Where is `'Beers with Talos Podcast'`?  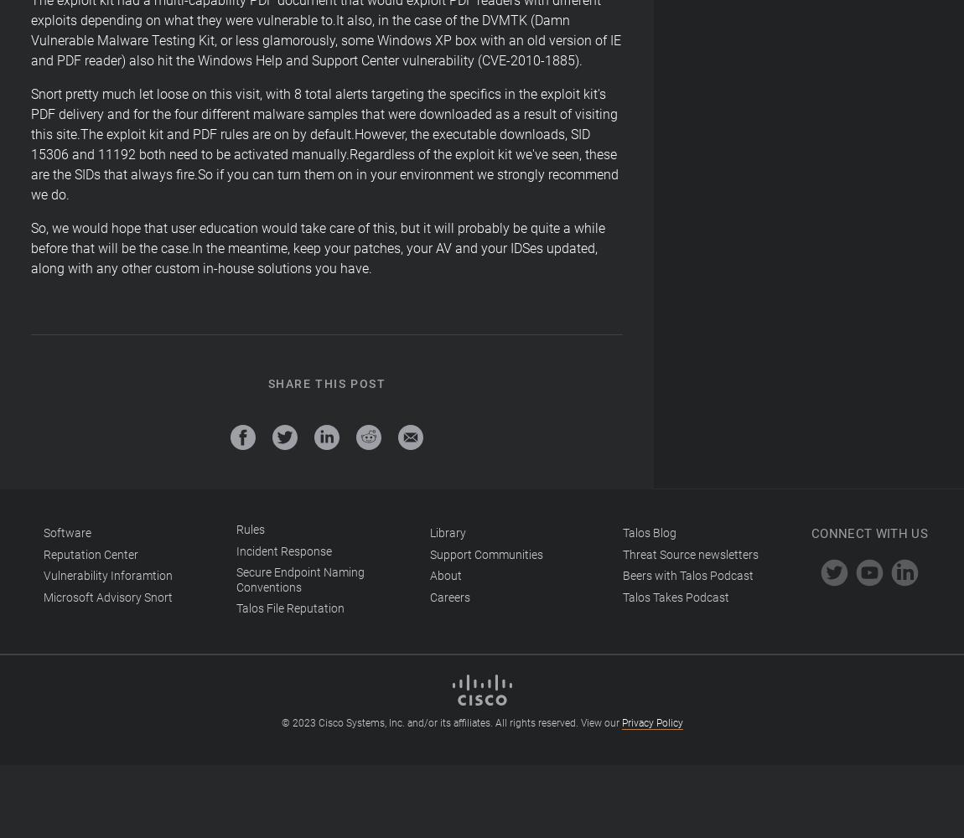 'Beers with Talos Podcast' is located at coordinates (686, 576).